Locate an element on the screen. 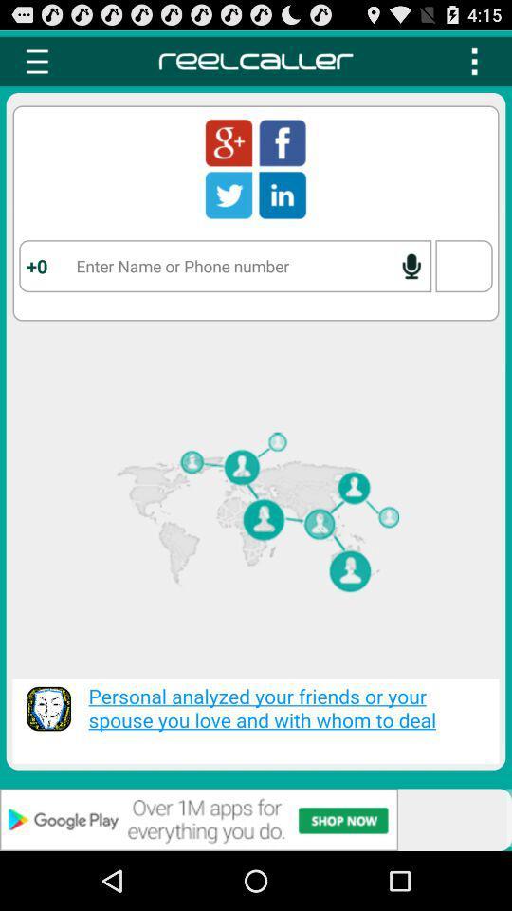 This screenshot has width=512, height=911. in is located at coordinates (282, 195).